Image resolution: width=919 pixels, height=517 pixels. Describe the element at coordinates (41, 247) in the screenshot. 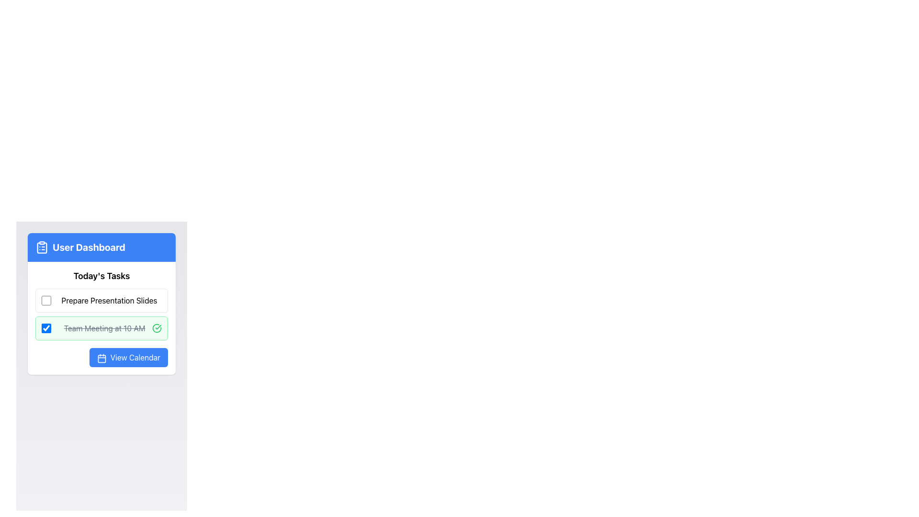

I see `the blue clipboard list icon located in the header section labeled 'User Dashboard'` at that location.